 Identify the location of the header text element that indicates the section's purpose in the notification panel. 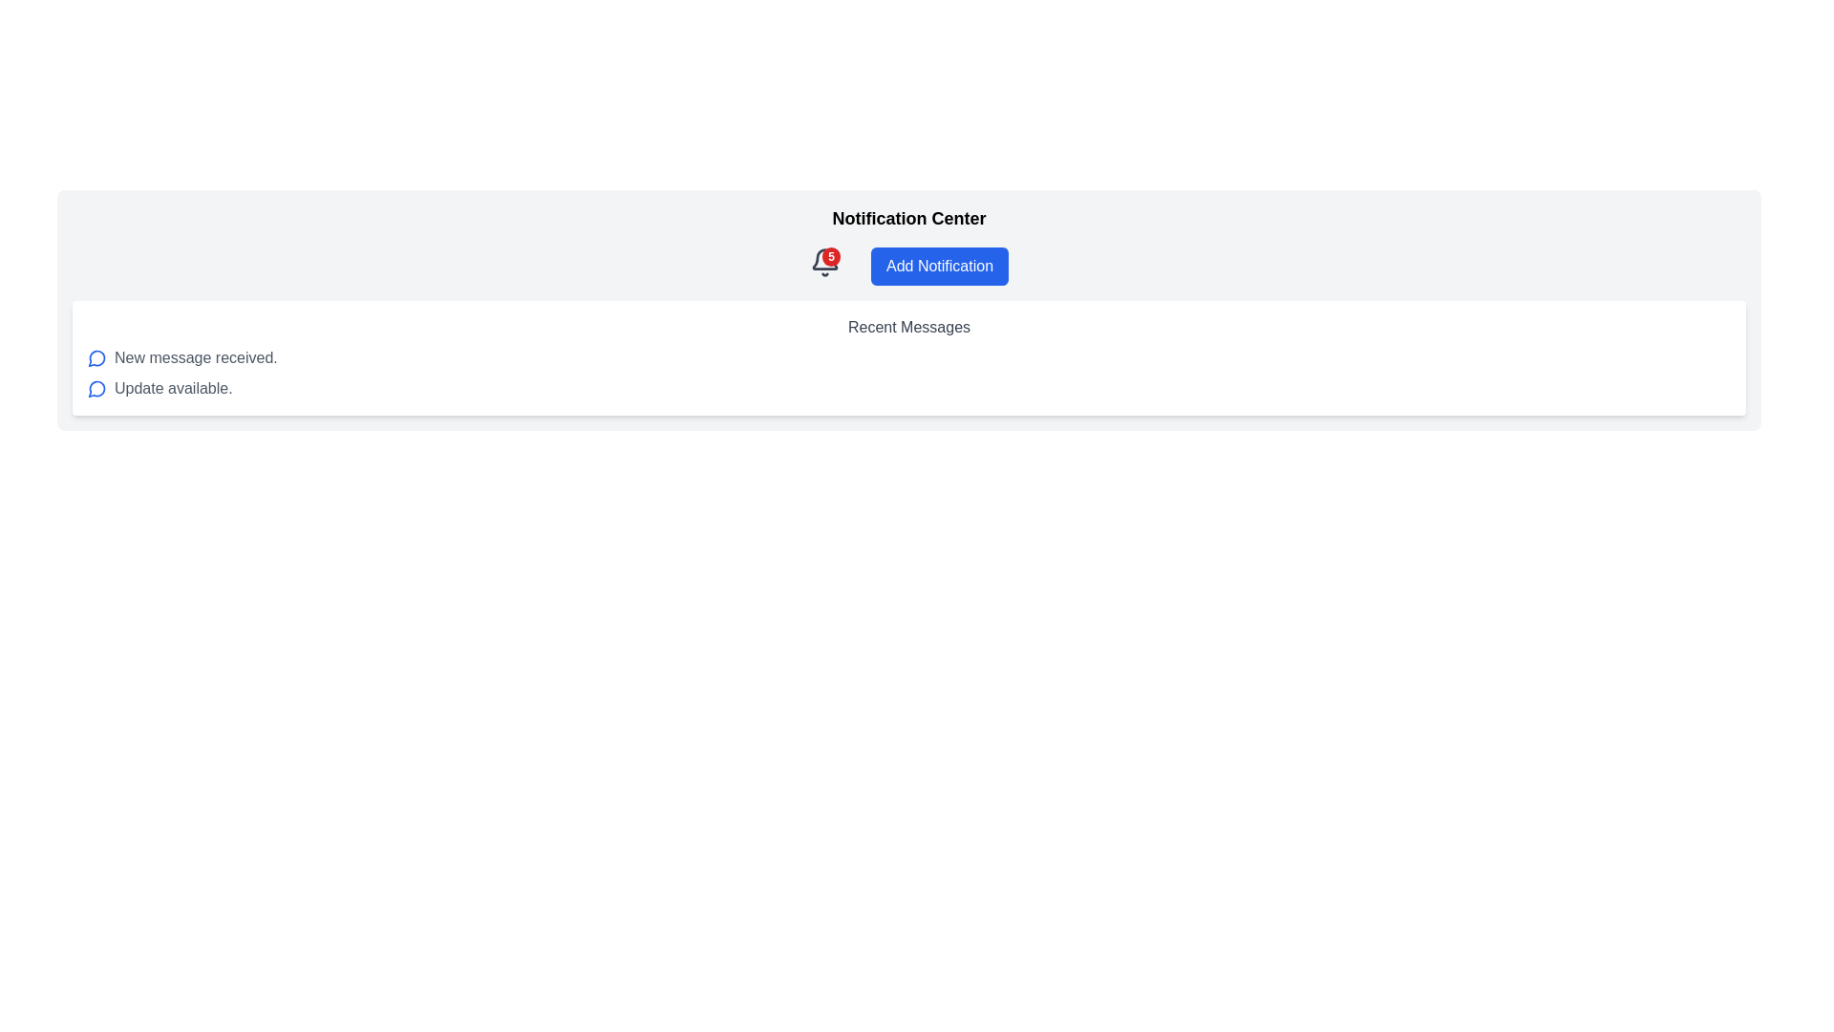
(907, 217).